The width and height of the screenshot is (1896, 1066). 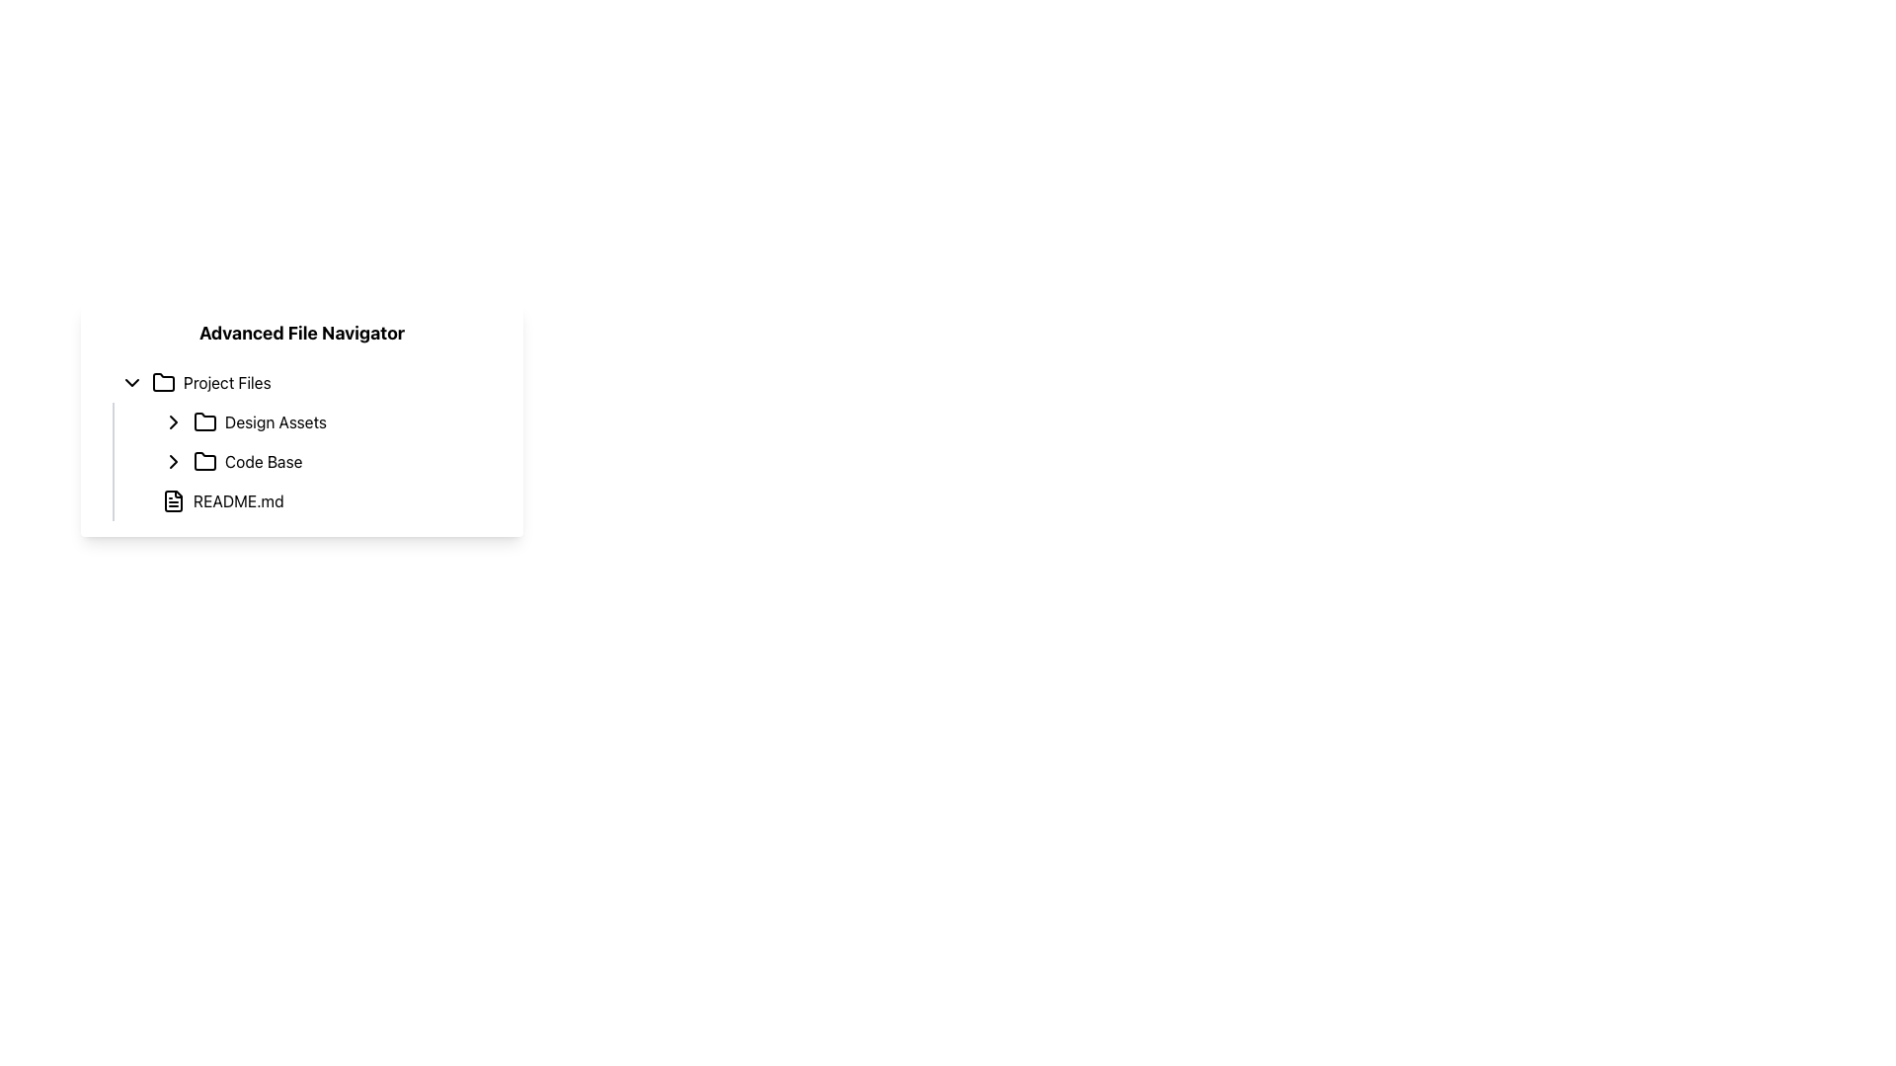 I want to click on the folder entry in the file tree component, which is the second item below 'Design Assets' and above 'README.md', so click(x=322, y=461).